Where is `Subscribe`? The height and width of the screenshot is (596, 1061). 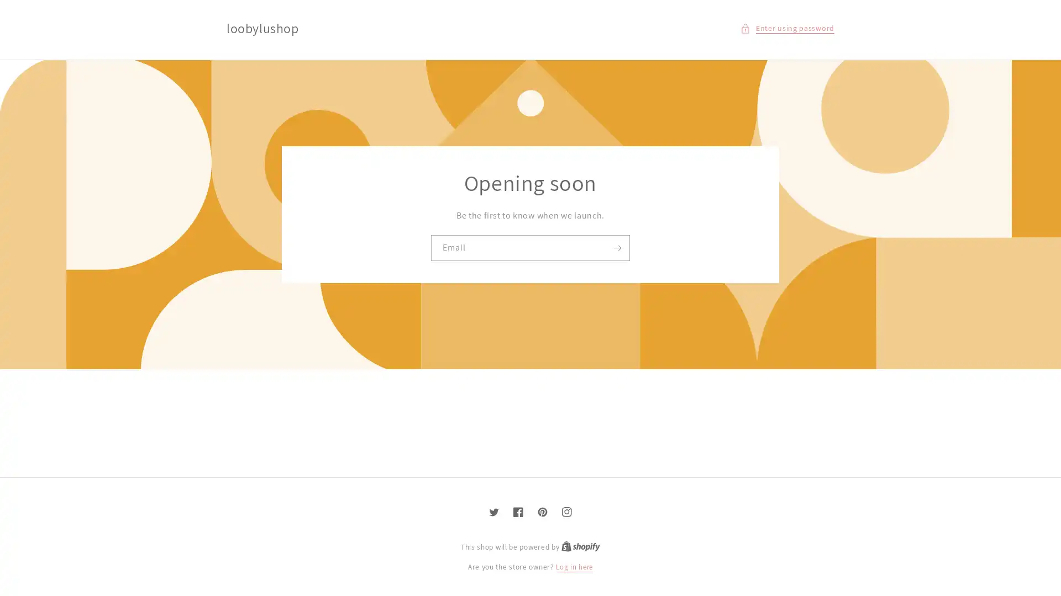
Subscribe is located at coordinates (617, 247).